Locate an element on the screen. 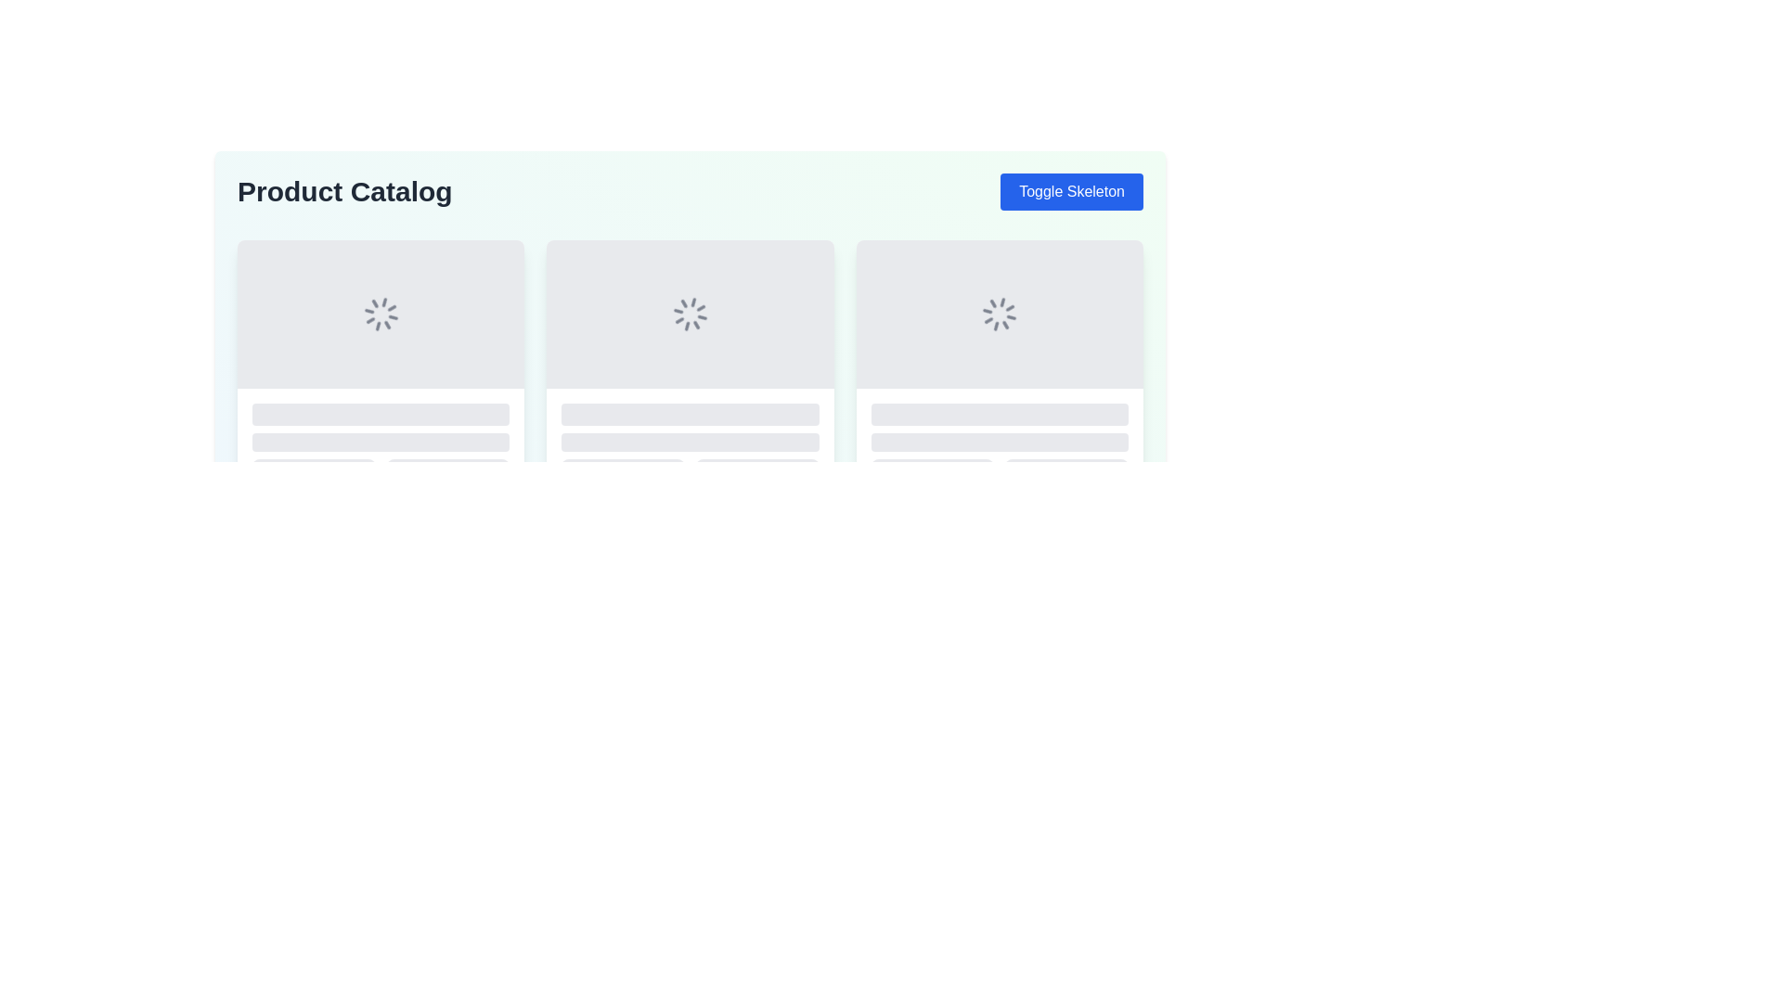 The width and height of the screenshot is (1782, 1002). Skeleton Loader component located in the bottom section of the leftmost card in a horizontally aligned list of three cards, beneath the spinning loader icon, using developer tools is located at coordinates (380, 439).